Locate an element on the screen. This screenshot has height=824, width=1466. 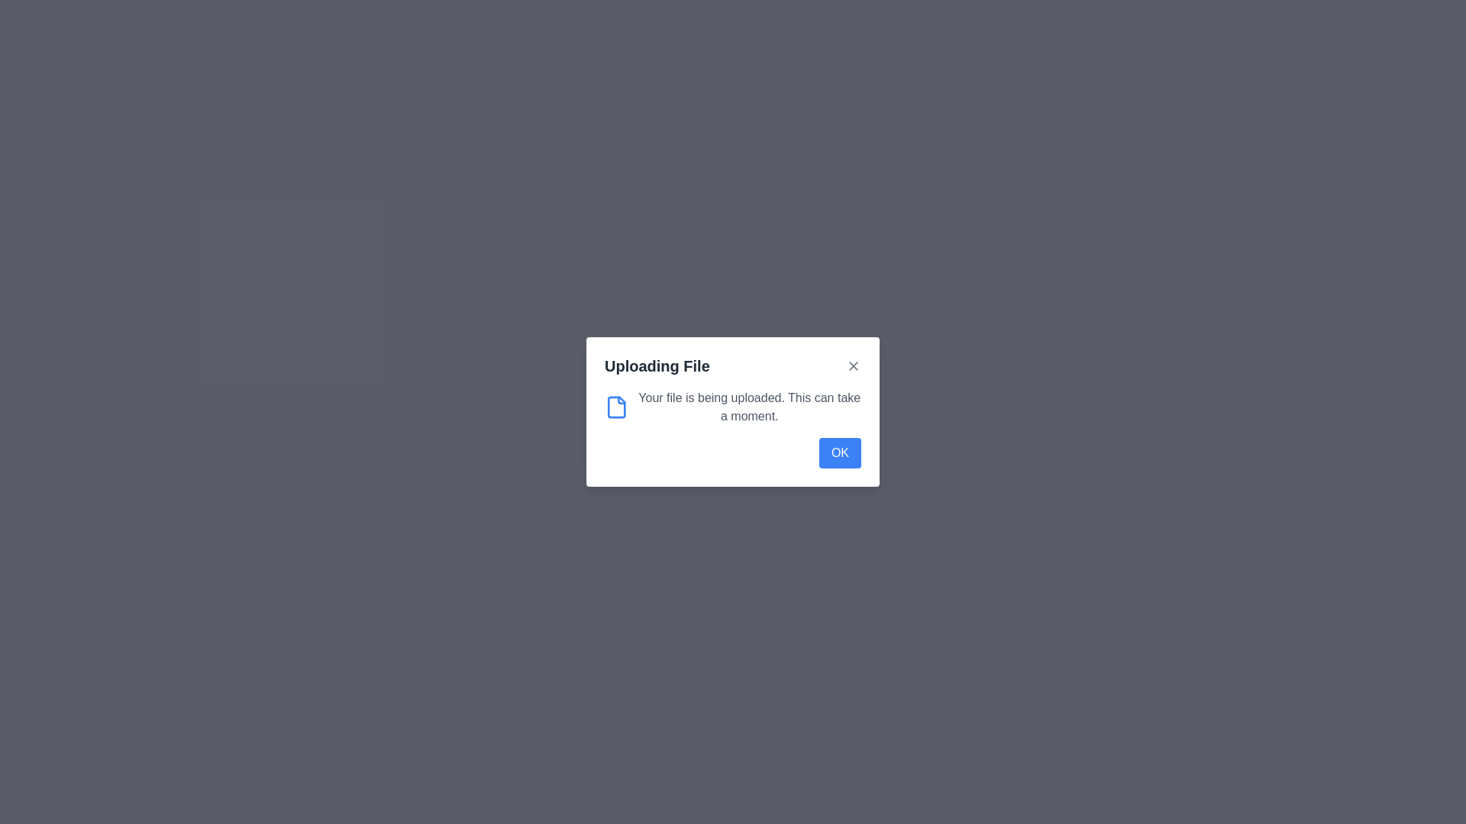
the title text label of the dialog box that indicates the file uploading process, located in the upper-left section of the header area is located at coordinates (657, 365).